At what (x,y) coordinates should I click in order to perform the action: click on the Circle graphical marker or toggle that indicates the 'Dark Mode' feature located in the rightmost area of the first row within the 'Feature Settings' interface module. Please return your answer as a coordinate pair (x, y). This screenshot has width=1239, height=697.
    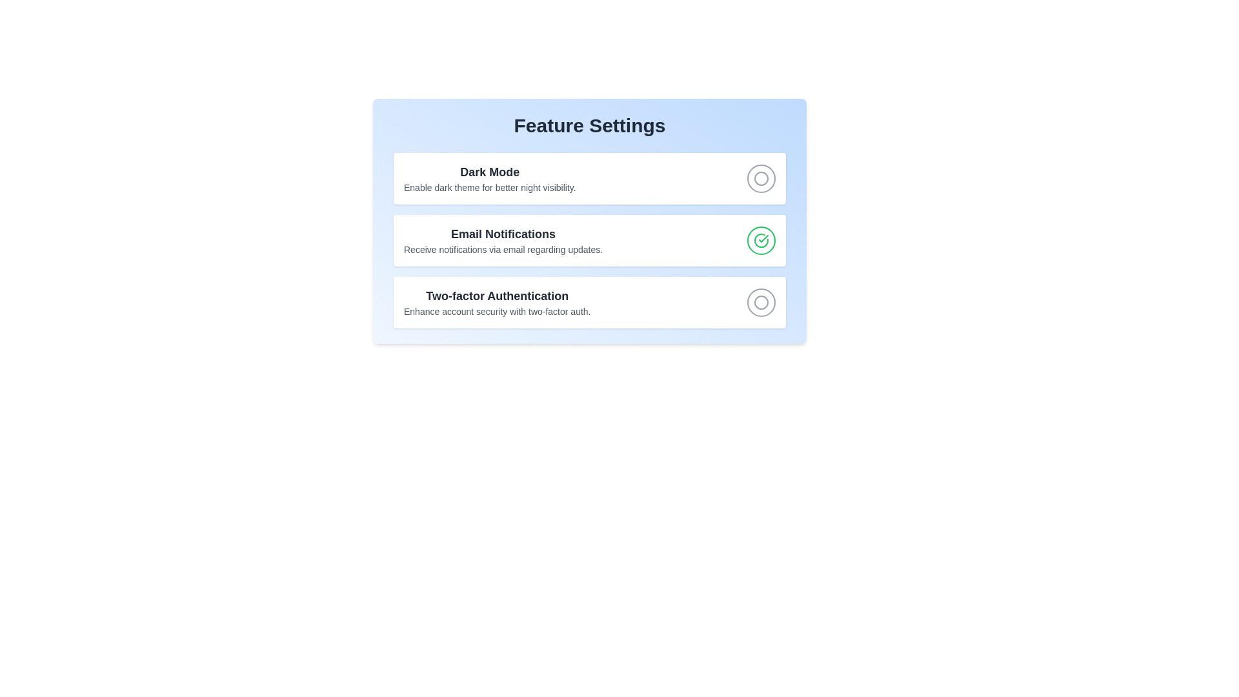
    Looking at the image, I should click on (761, 179).